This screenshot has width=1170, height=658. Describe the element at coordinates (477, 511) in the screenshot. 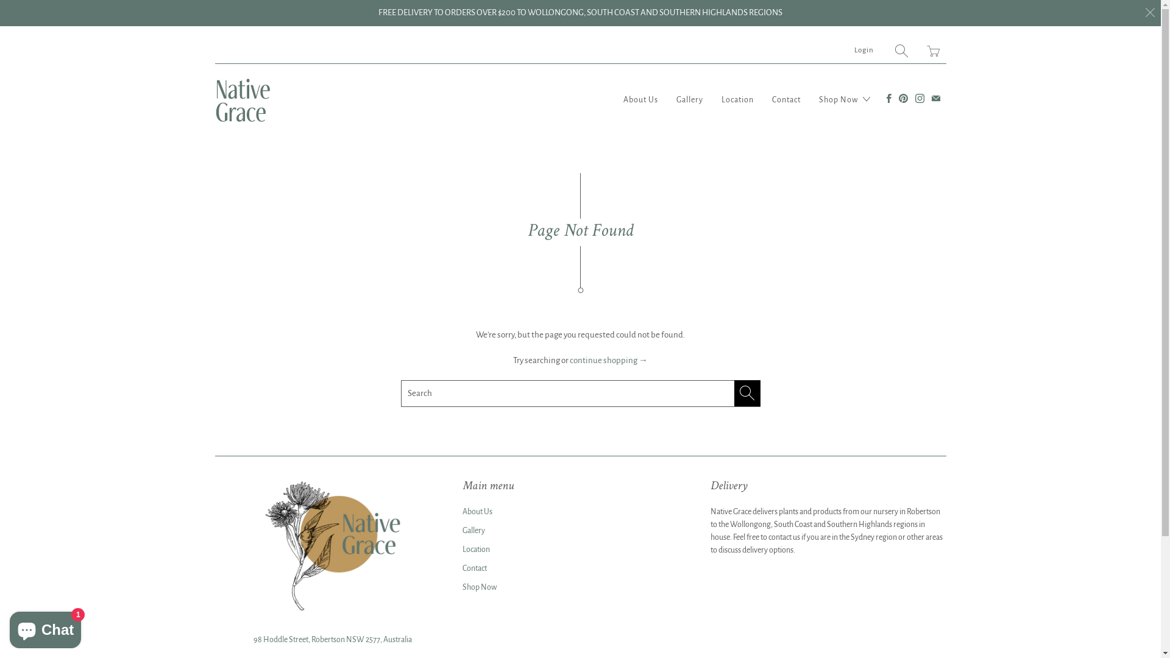

I see `'About Us'` at that location.